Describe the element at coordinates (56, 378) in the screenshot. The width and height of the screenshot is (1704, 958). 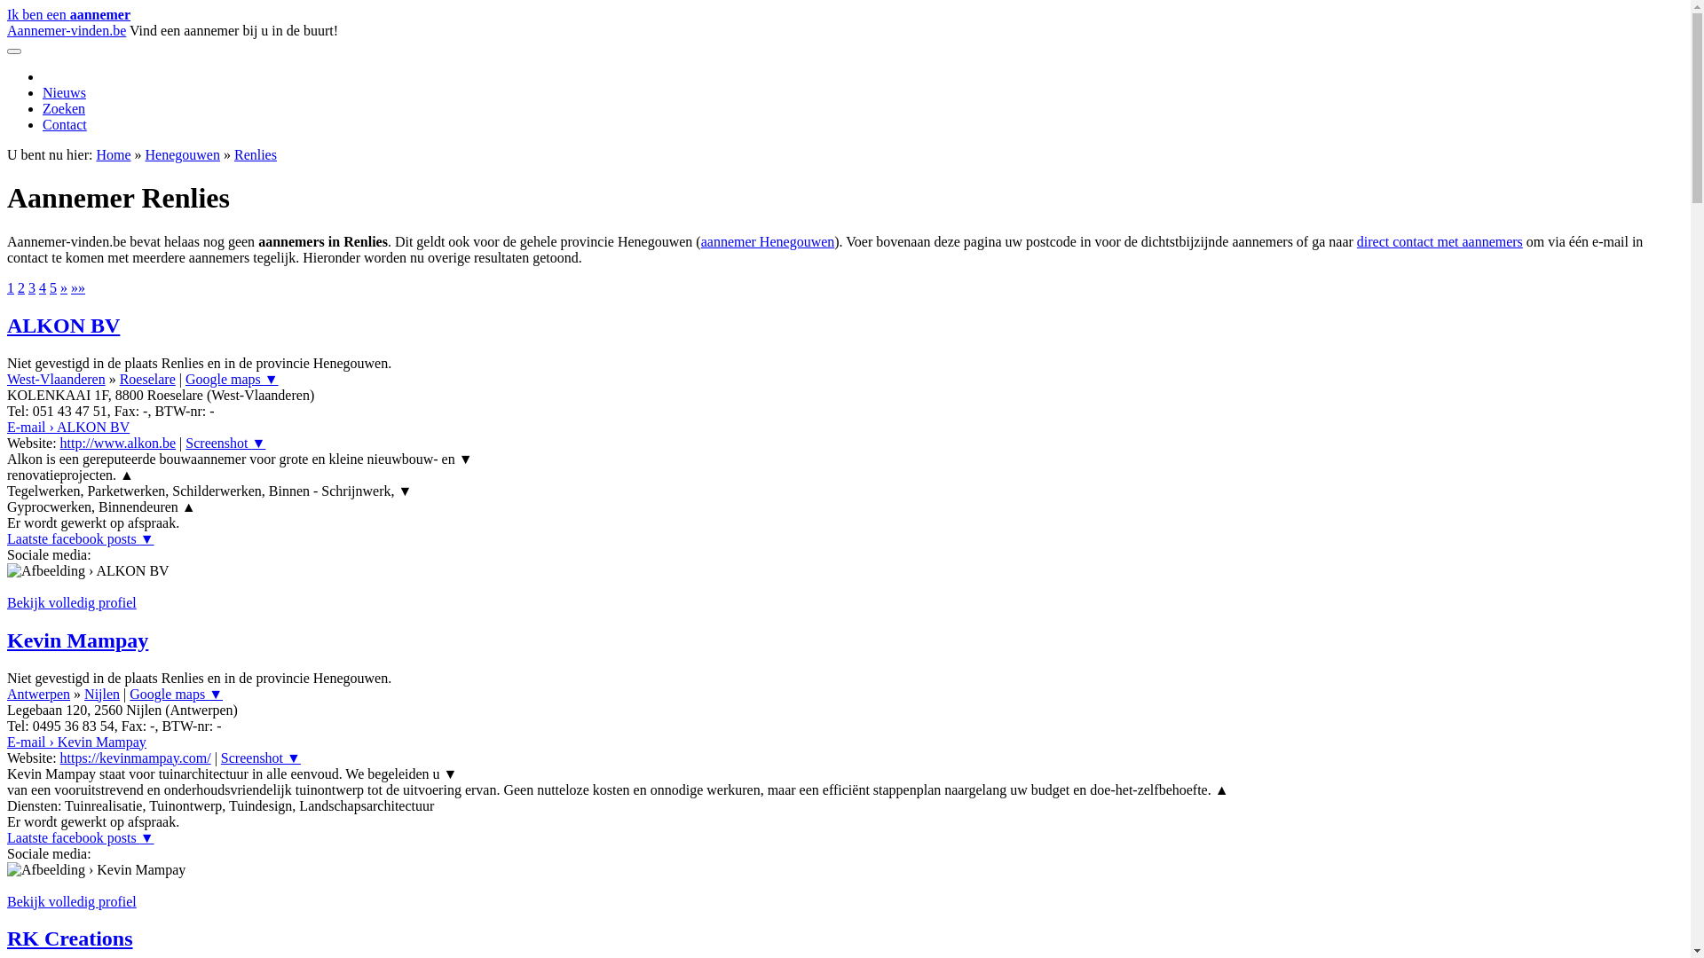
I see `'West-Vlaanderen'` at that location.